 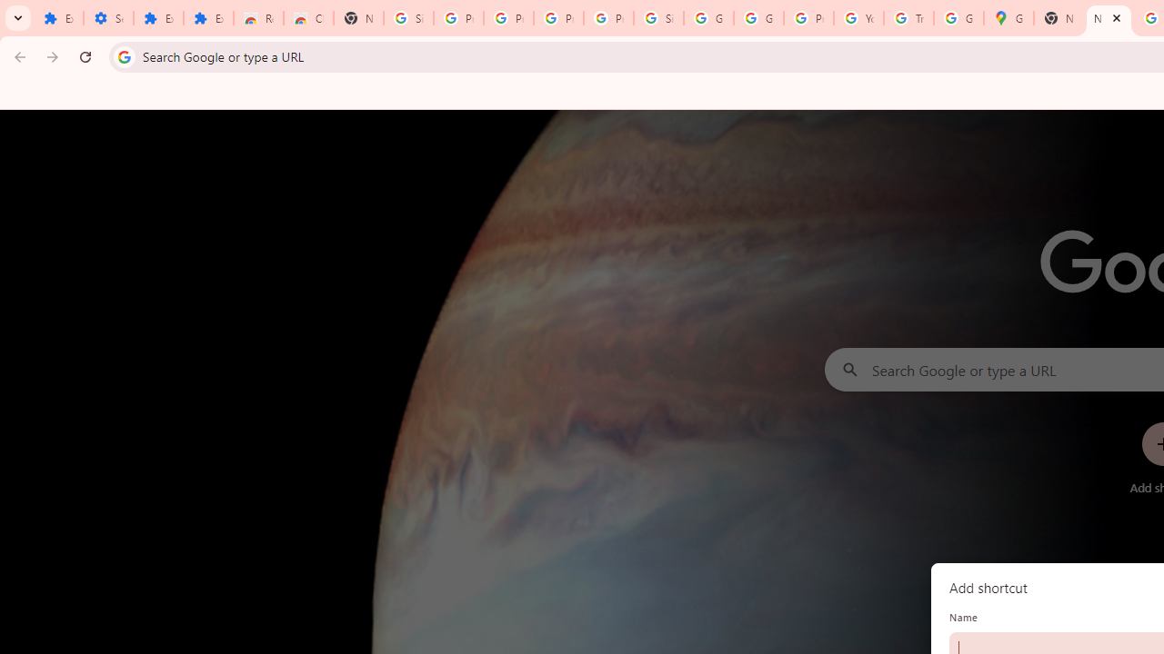 What do you see at coordinates (208, 18) in the screenshot?
I see `'Extensions'` at bounding box center [208, 18].